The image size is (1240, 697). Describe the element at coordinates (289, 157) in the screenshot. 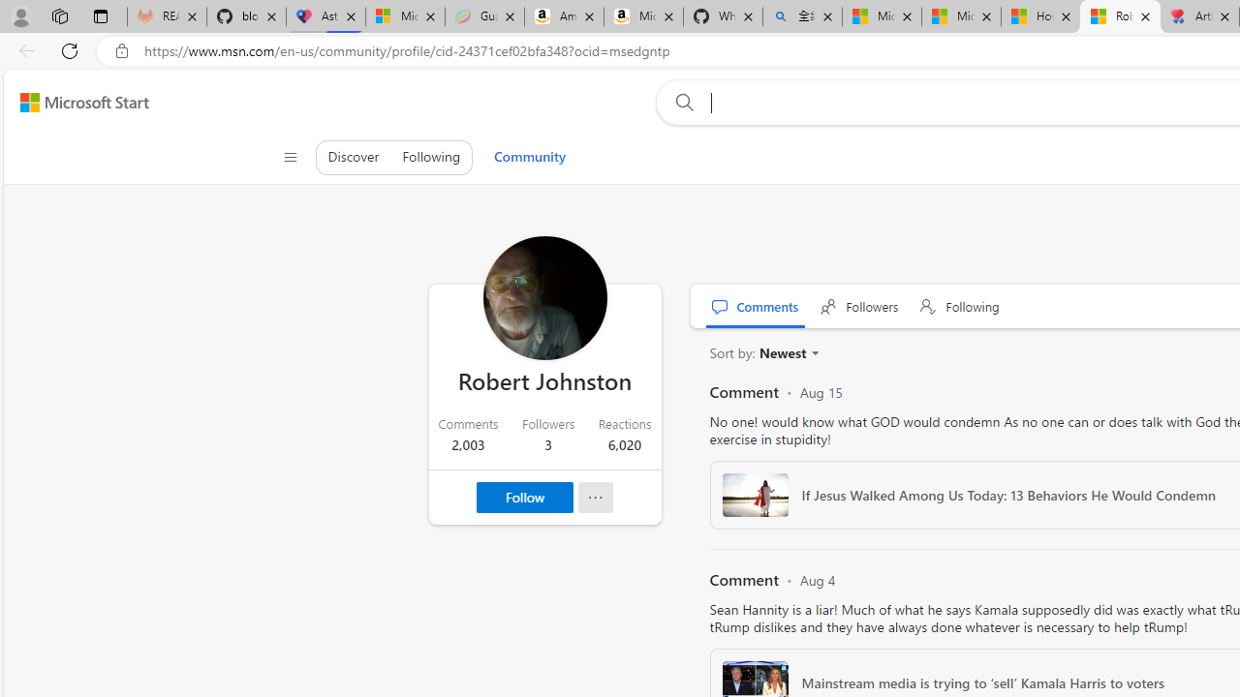

I see `'Class: control icon-only'` at that location.